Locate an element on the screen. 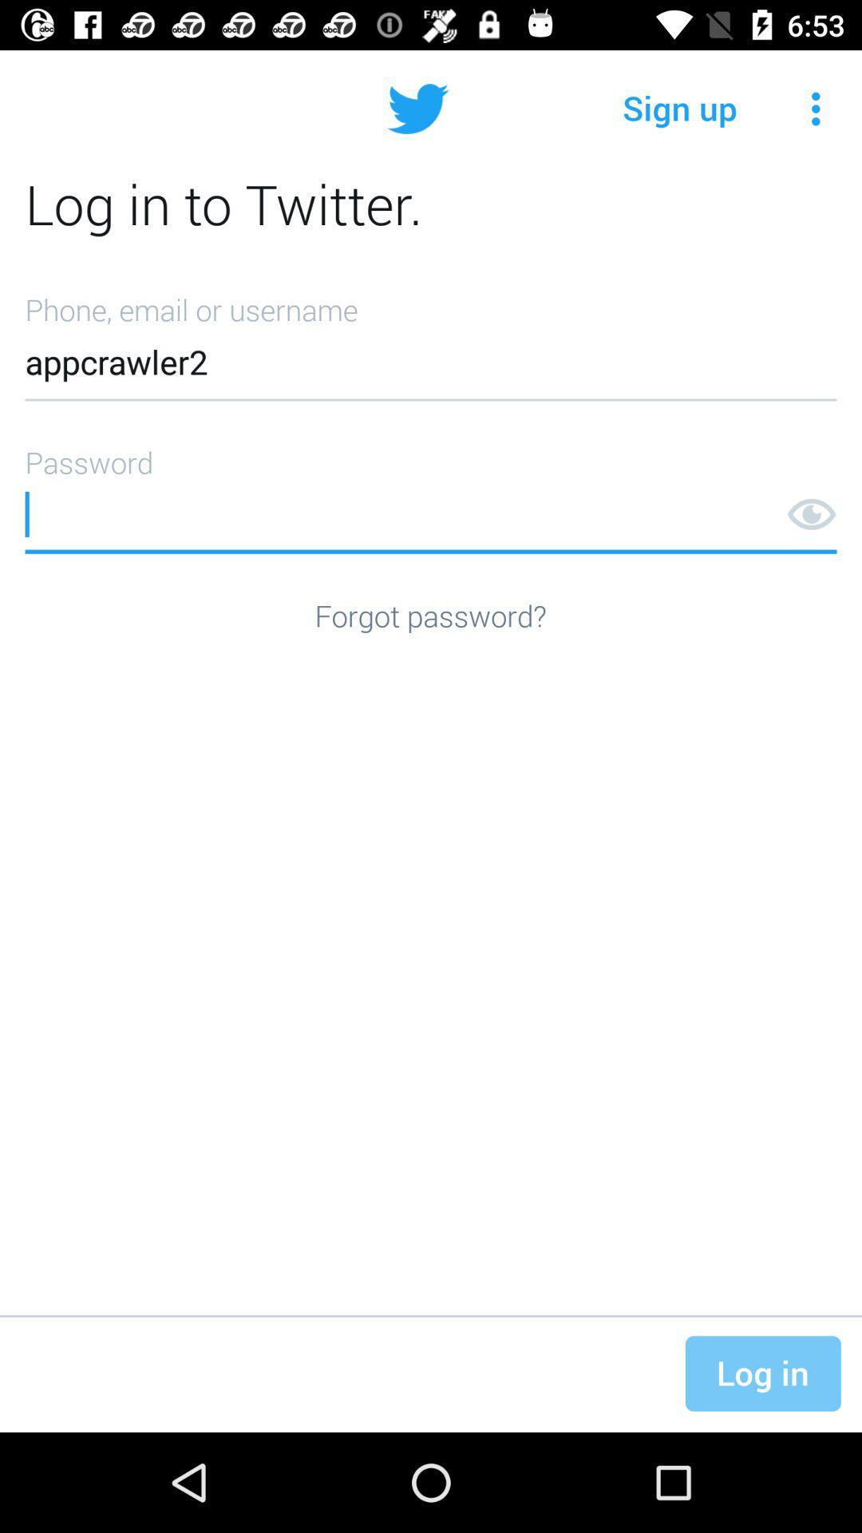  the icon next to sign up item is located at coordinates (816, 108).